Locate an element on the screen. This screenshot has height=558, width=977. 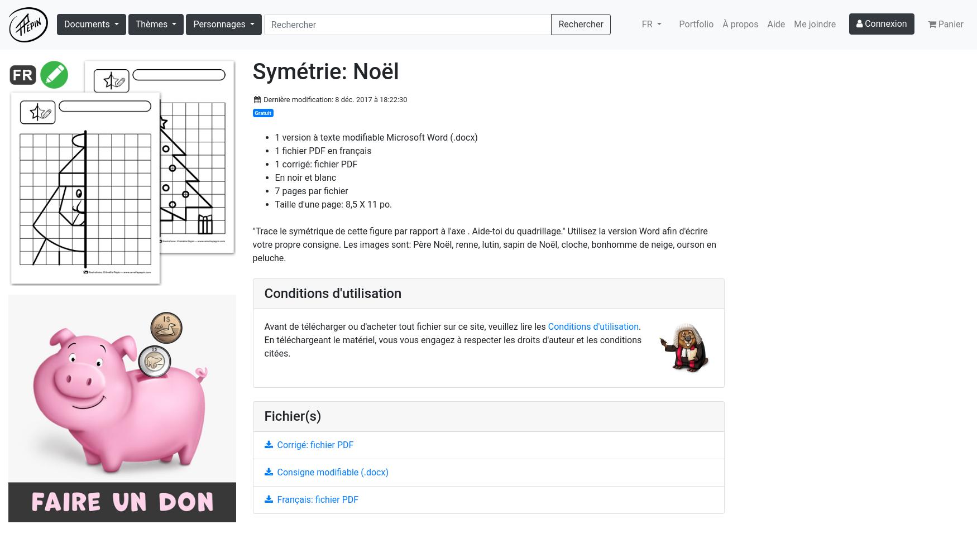
'Panier' is located at coordinates (950, 24).